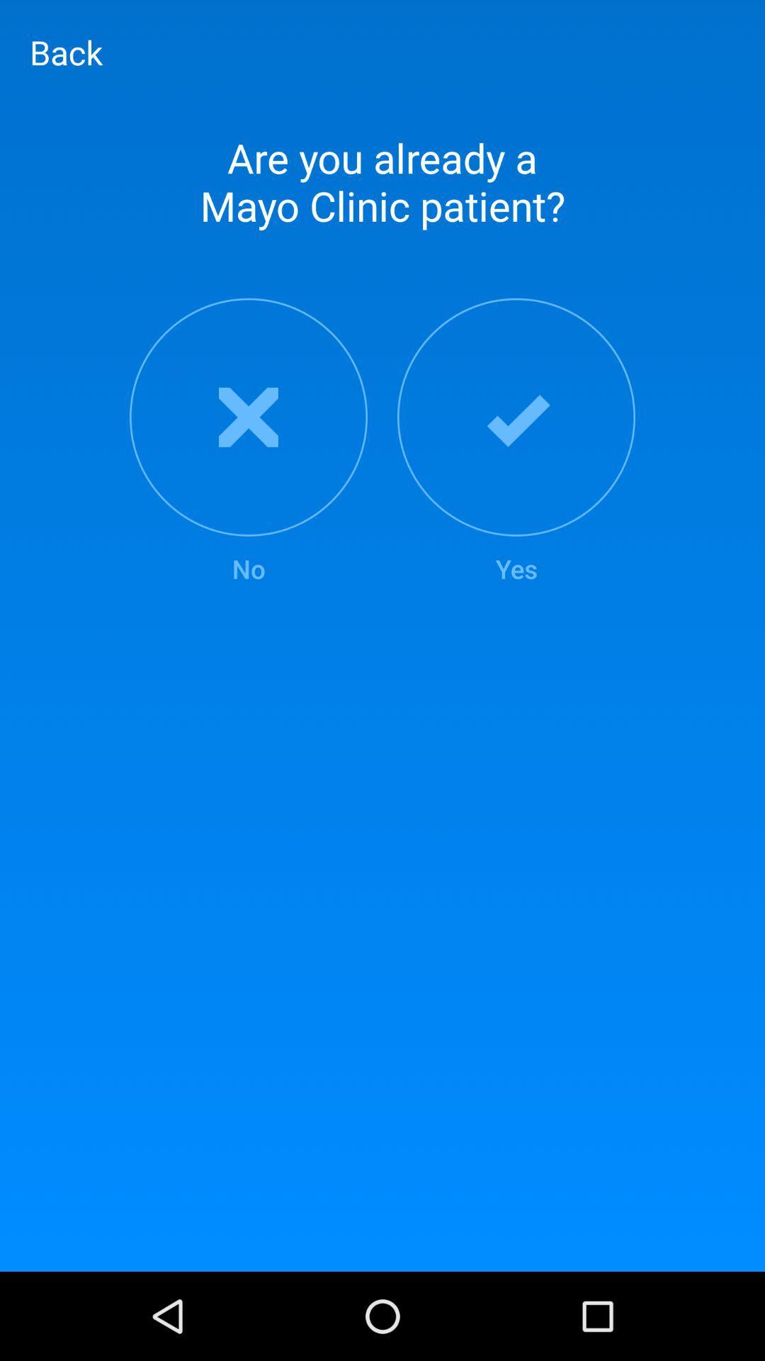  What do you see at coordinates (248, 442) in the screenshot?
I see `no icon` at bounding box center [248, 442].